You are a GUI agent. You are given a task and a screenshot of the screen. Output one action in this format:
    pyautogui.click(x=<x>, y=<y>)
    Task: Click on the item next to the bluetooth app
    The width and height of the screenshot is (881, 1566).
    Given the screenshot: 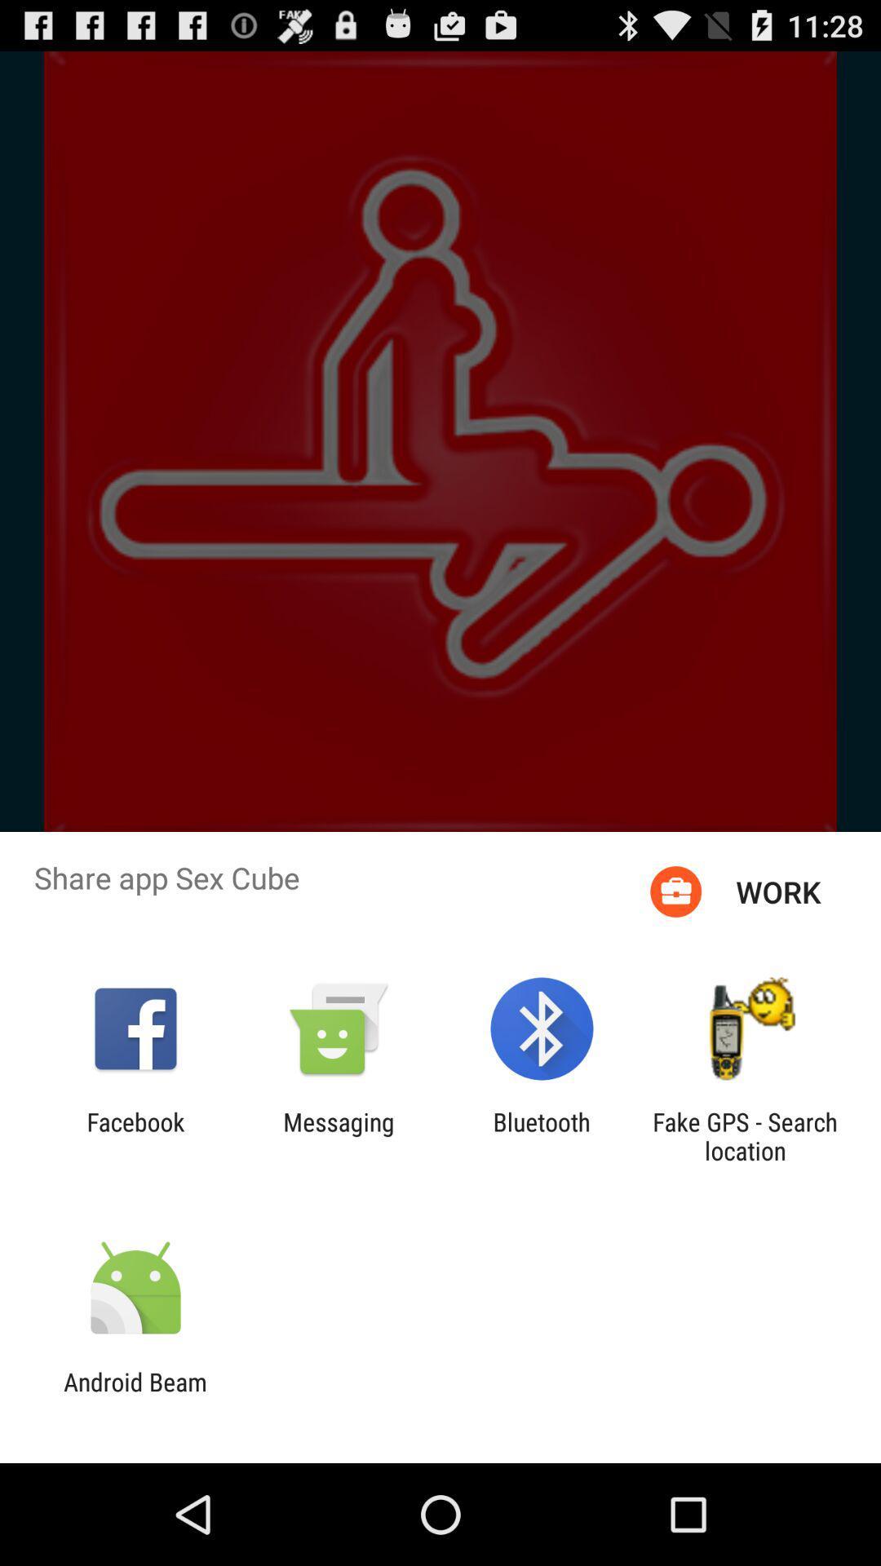 What is the action you would take?
    pyautogui.click(x=338, y=1135)
    